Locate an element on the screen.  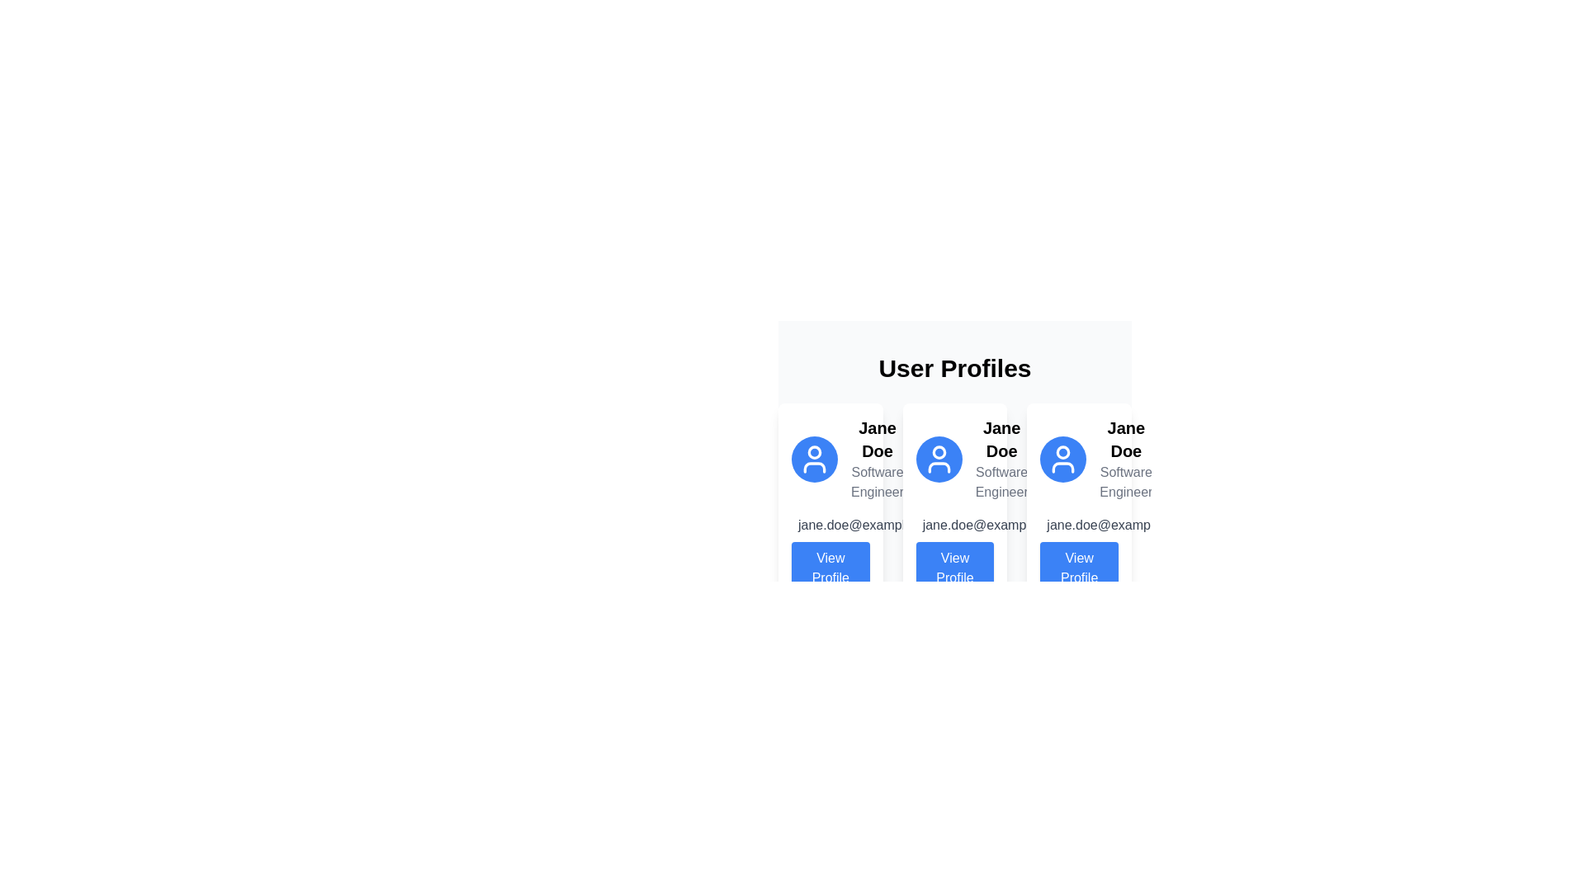
the user profile icon, which is the third SVG user silhouette in a horizontal list of profile icons, indicating a specific person's information or account is located at coordinates (1063, 459).